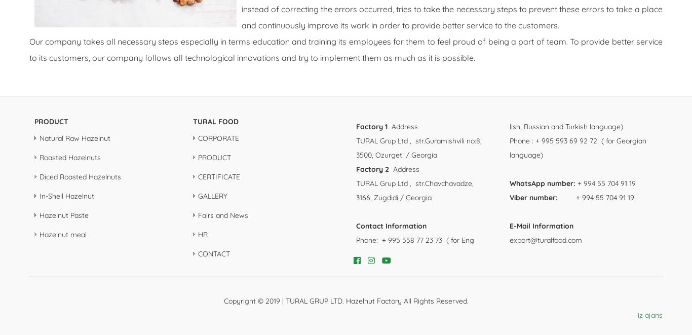 This screenshot has height=335, width=692. I want to click on 'E-Mail Information', so click(509, 226).